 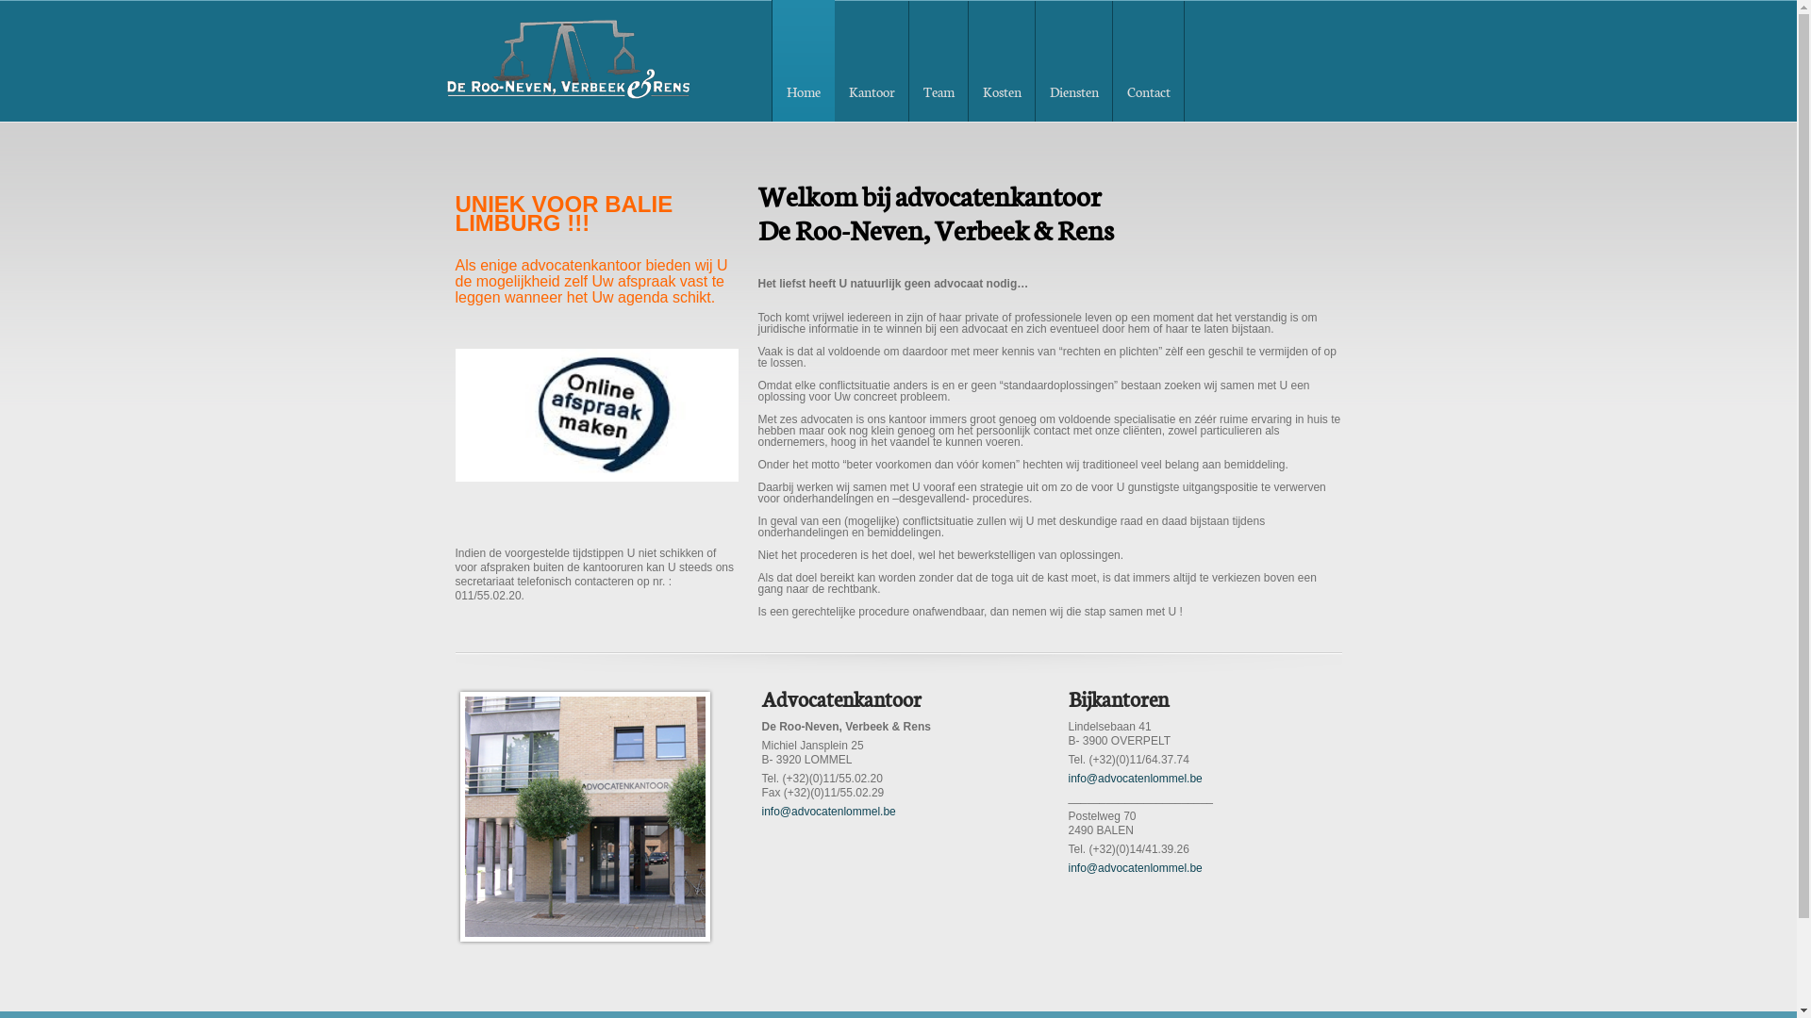 I want to click on 'Home', so click(x=802, y=59).